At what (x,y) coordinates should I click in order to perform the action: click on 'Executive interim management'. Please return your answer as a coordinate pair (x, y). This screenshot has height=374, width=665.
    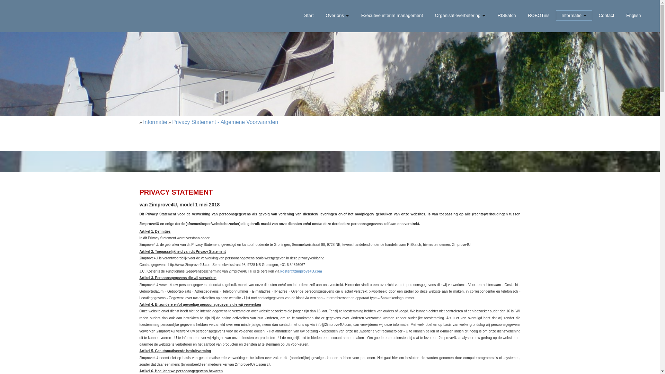
    Looking at the image, I should click on (356, 16).